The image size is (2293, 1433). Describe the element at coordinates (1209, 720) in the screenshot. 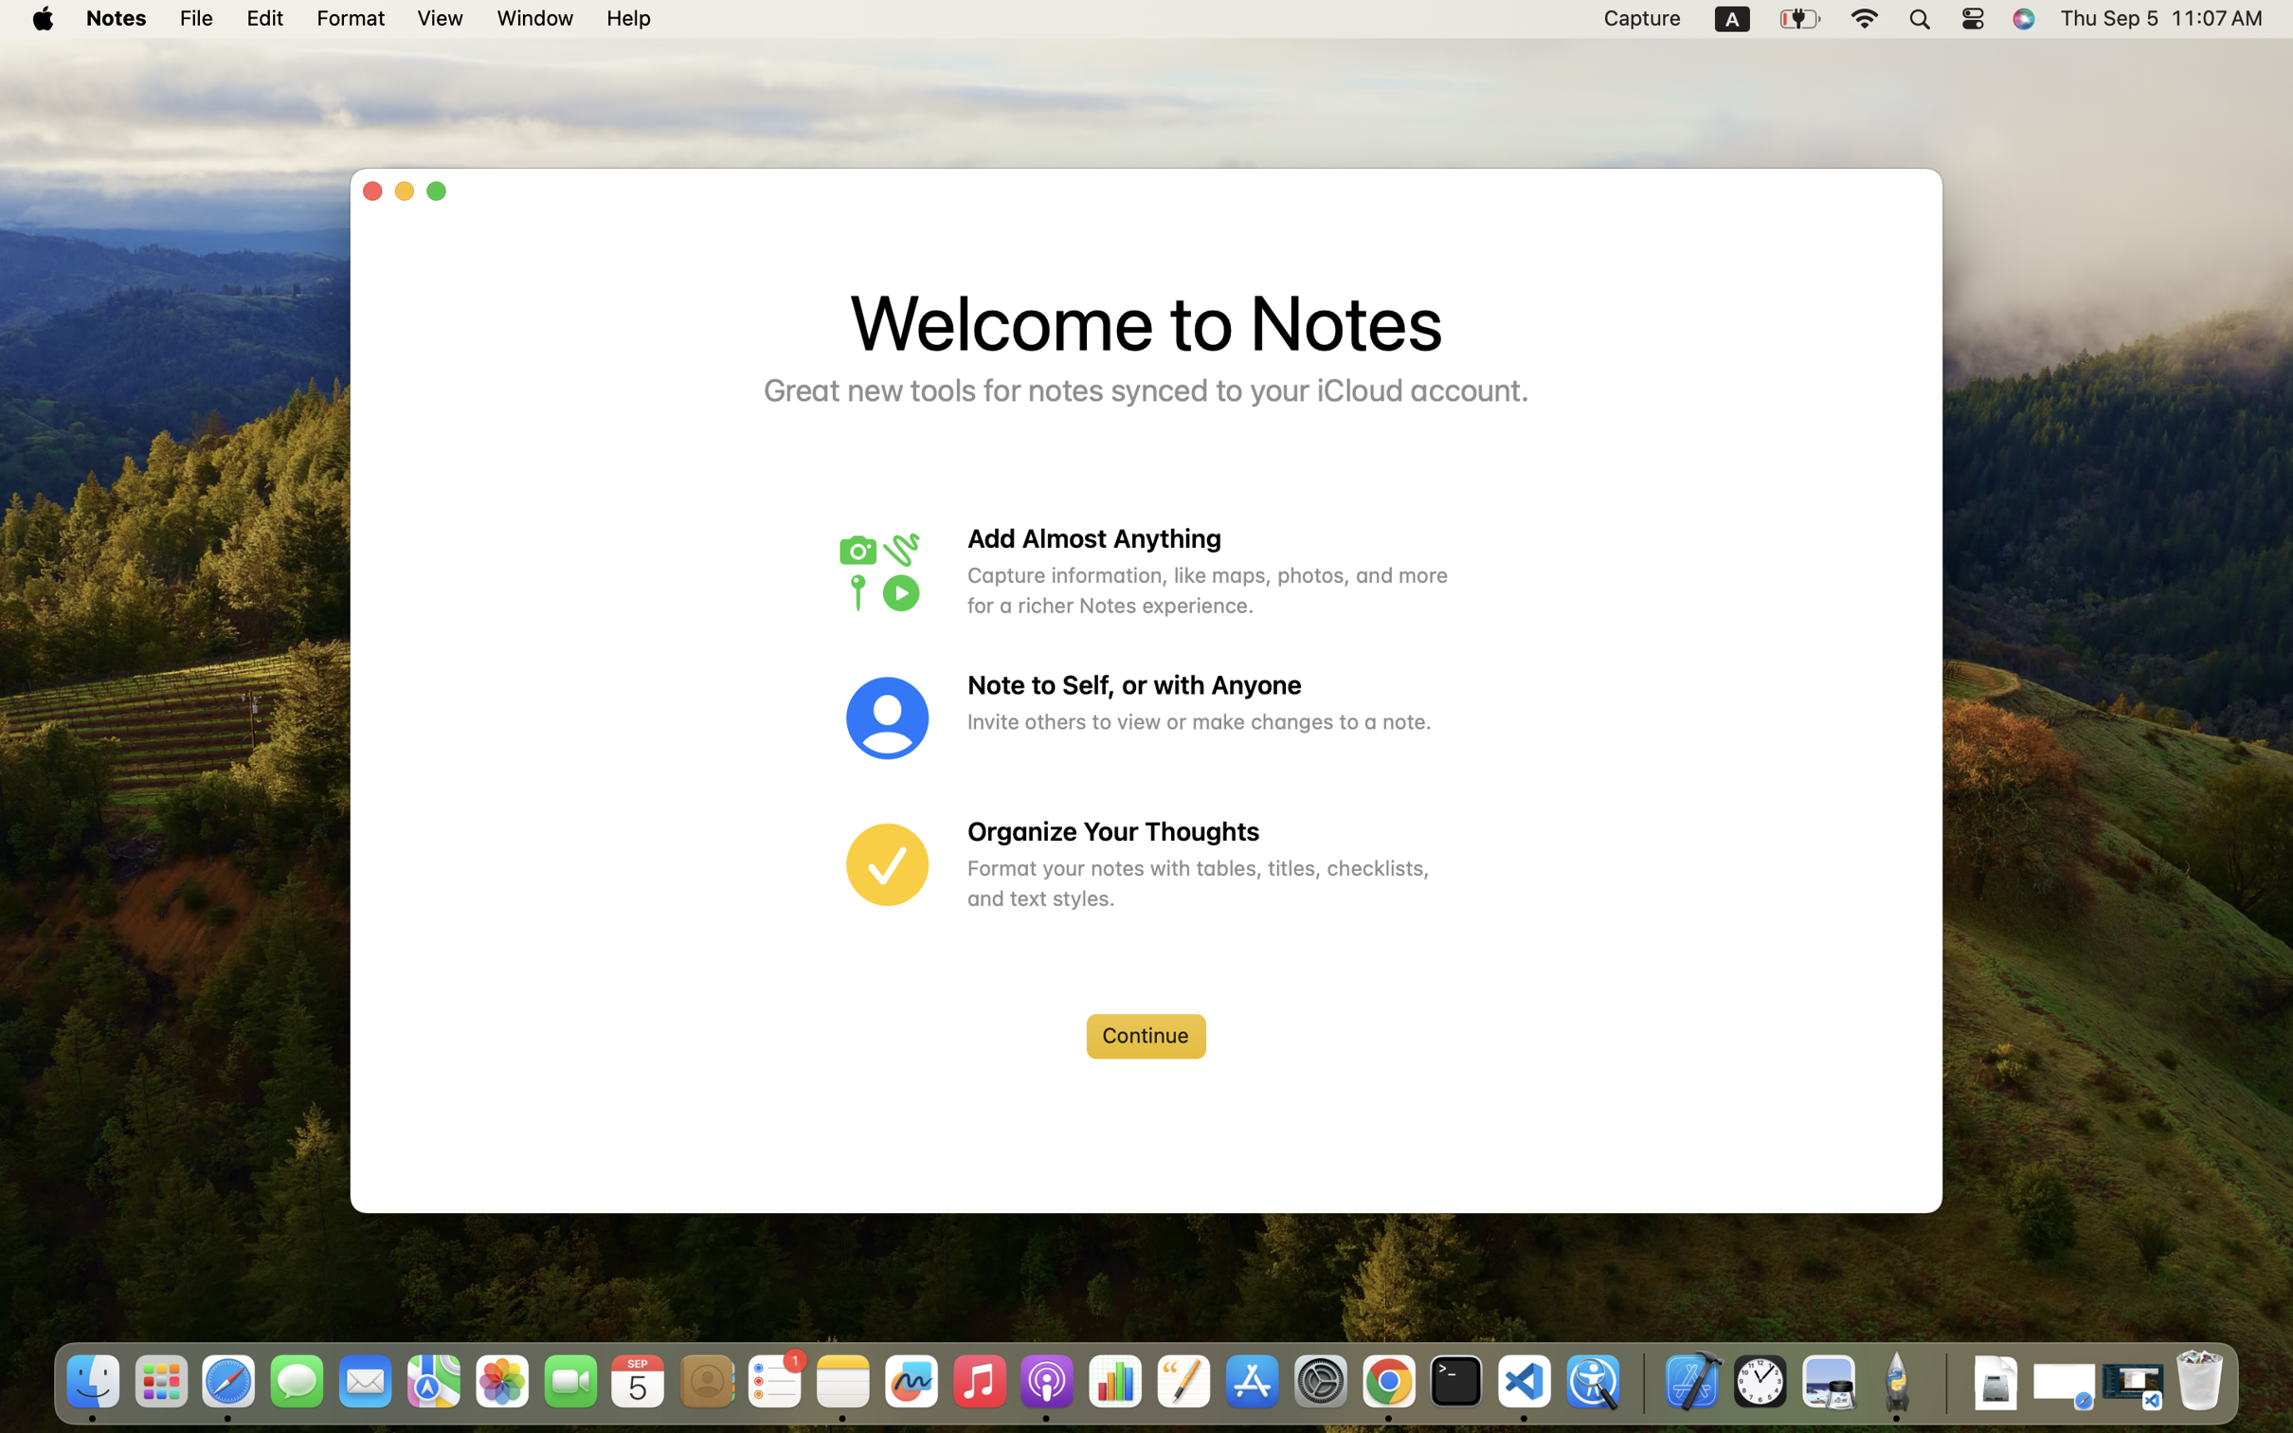

I see `'Invite others to view or make changes to a note.'` at that location.